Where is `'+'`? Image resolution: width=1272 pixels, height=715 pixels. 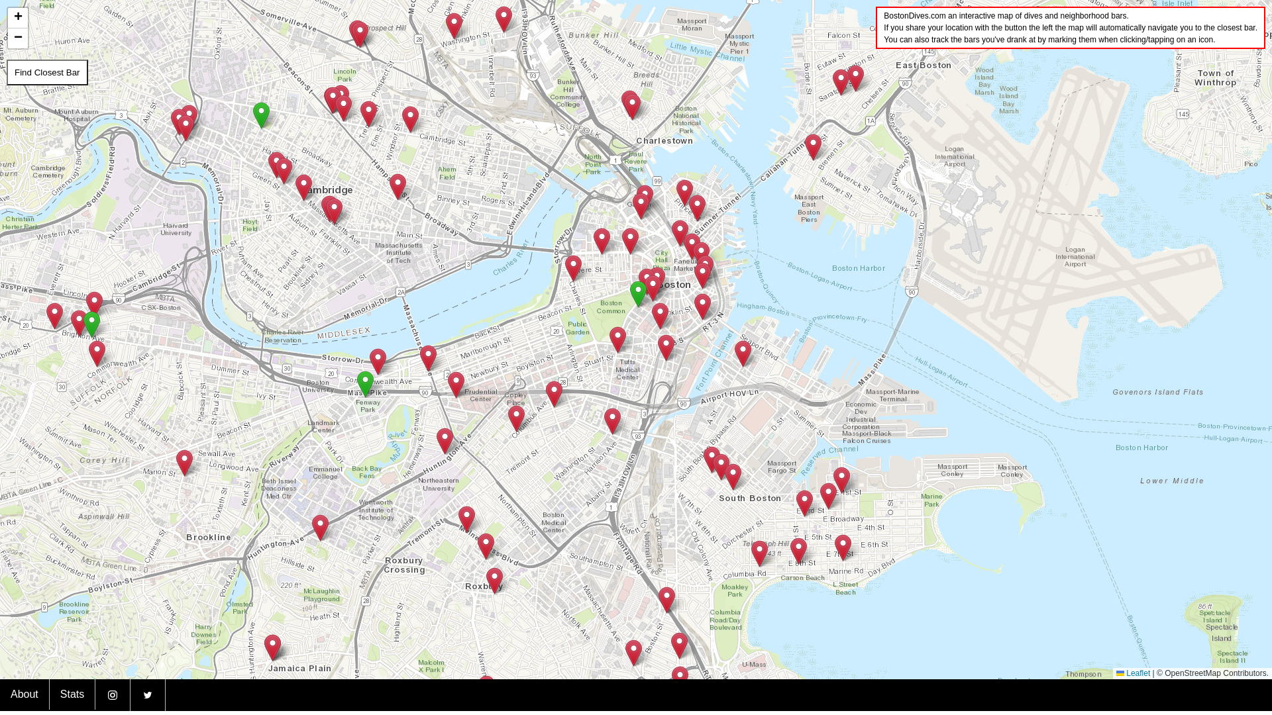 '+' is located at coordinates (18, 18).